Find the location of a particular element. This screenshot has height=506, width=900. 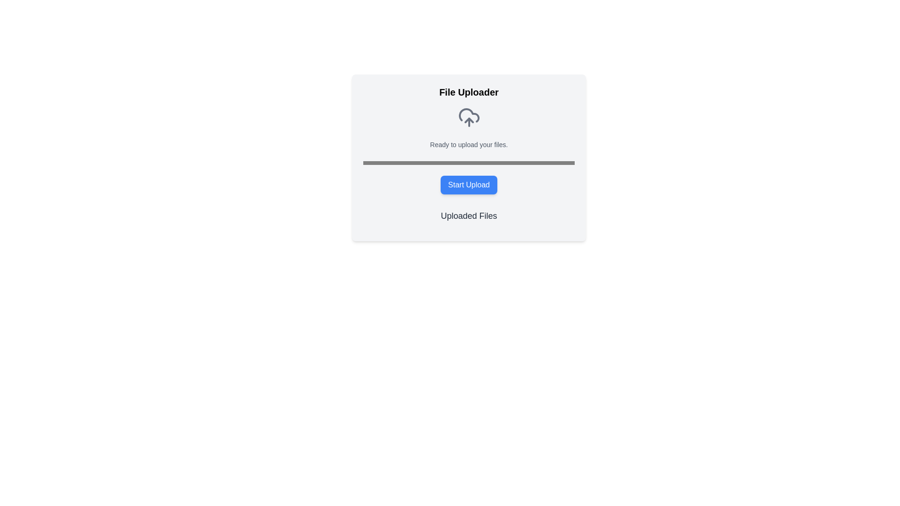

the thin horizontal progress bar located below the text 'Ready to upload your files.' and above the 'Start Upload' button in the 'File Uploader' section is located at coordinates (469, 162).